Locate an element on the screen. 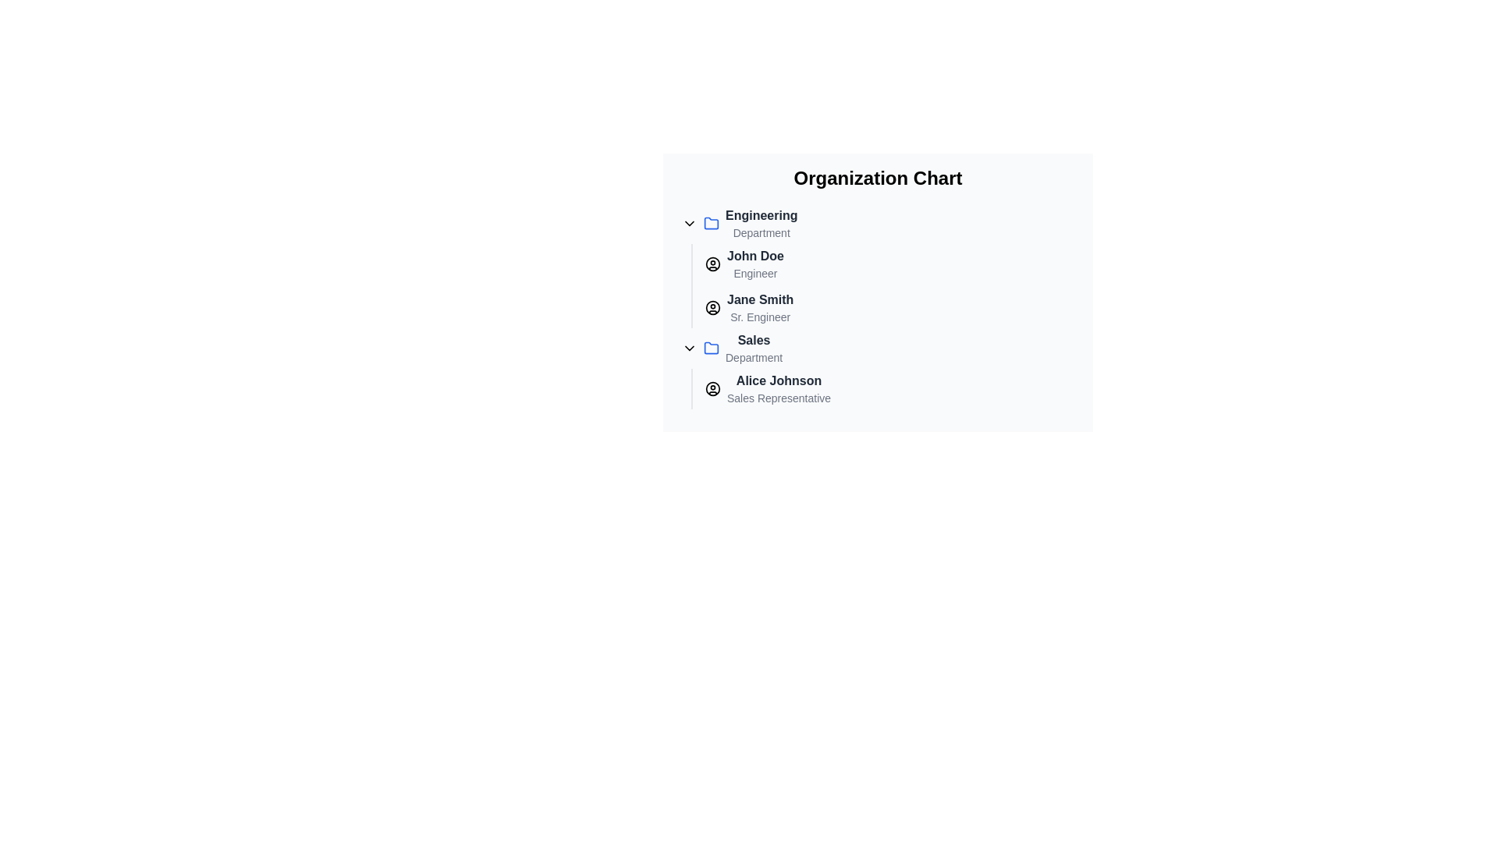 The width and height of the screenshot is (1498, 842). displayed text from the bold, dark gray label that says 'Engineering', positioned at the top of the Engineering Department group in the organizational chart is located at coordinates (761, 215).